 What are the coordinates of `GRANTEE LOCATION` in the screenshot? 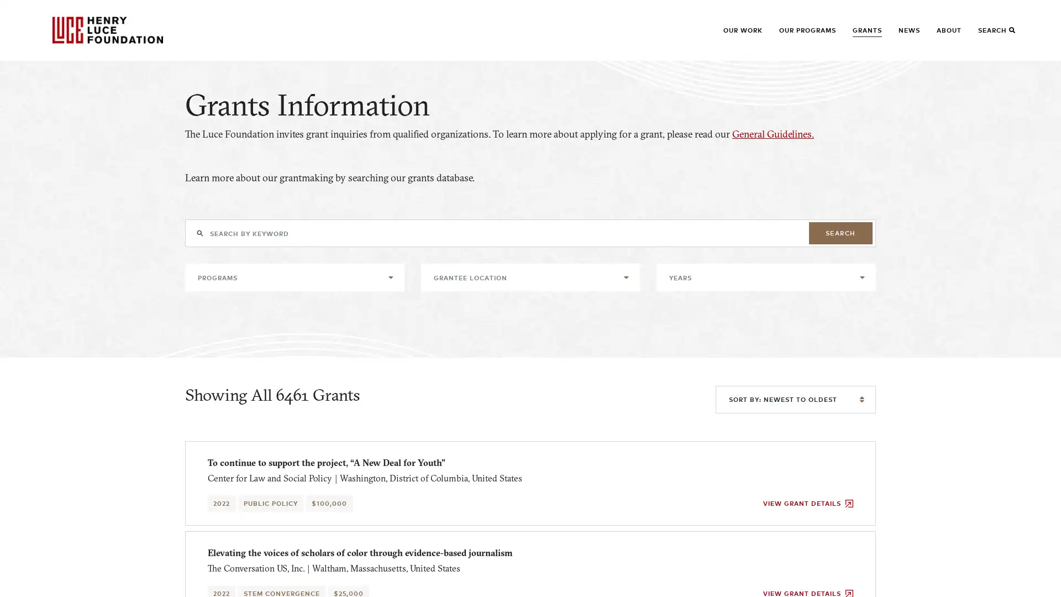 It's located at (529, 276).